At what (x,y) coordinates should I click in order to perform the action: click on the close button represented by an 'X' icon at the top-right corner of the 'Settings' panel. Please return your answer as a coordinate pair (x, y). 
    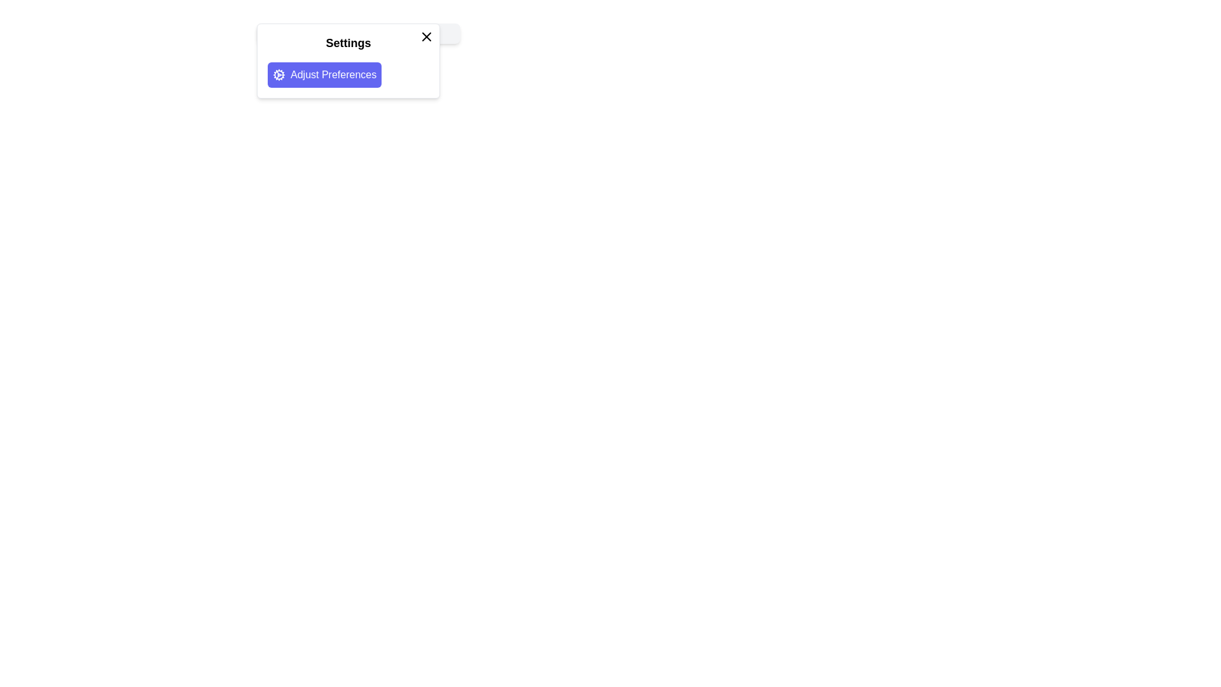
    Looking at the image, I should click on (427, 36).